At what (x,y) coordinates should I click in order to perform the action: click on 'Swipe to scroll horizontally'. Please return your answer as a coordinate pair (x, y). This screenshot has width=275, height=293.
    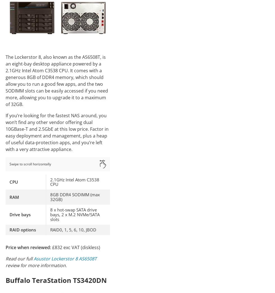
    Looking at the image, I should click on (30, 163).